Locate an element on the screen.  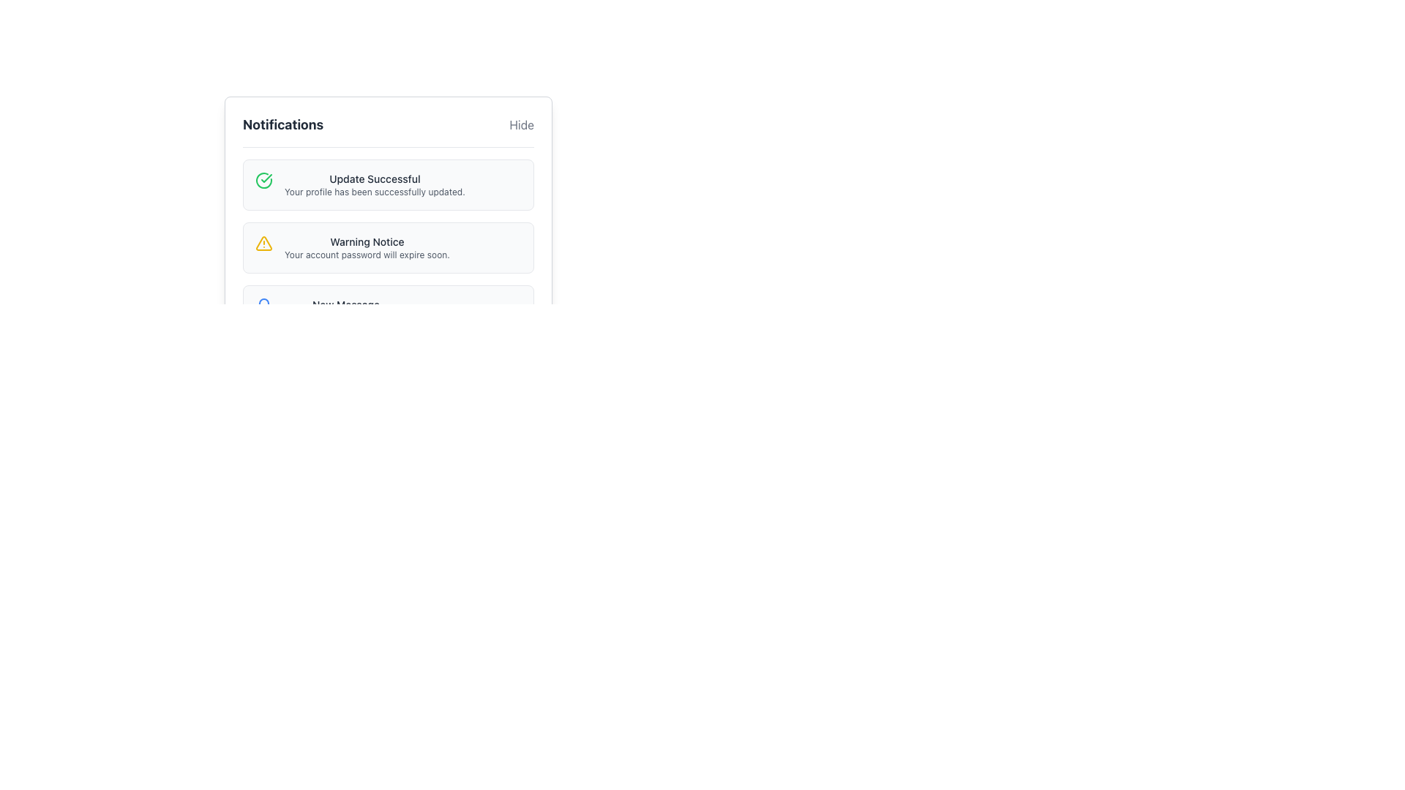
the success icon located in the notification panel within the 'Update Successful' notification box, positioned to the left of the text content is located at coordinates (263, 179).